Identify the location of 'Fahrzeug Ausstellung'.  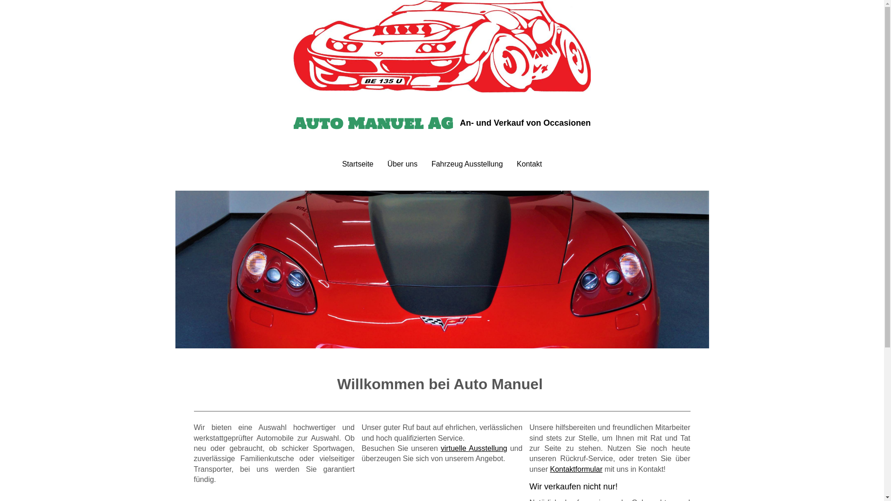
(467, 164).